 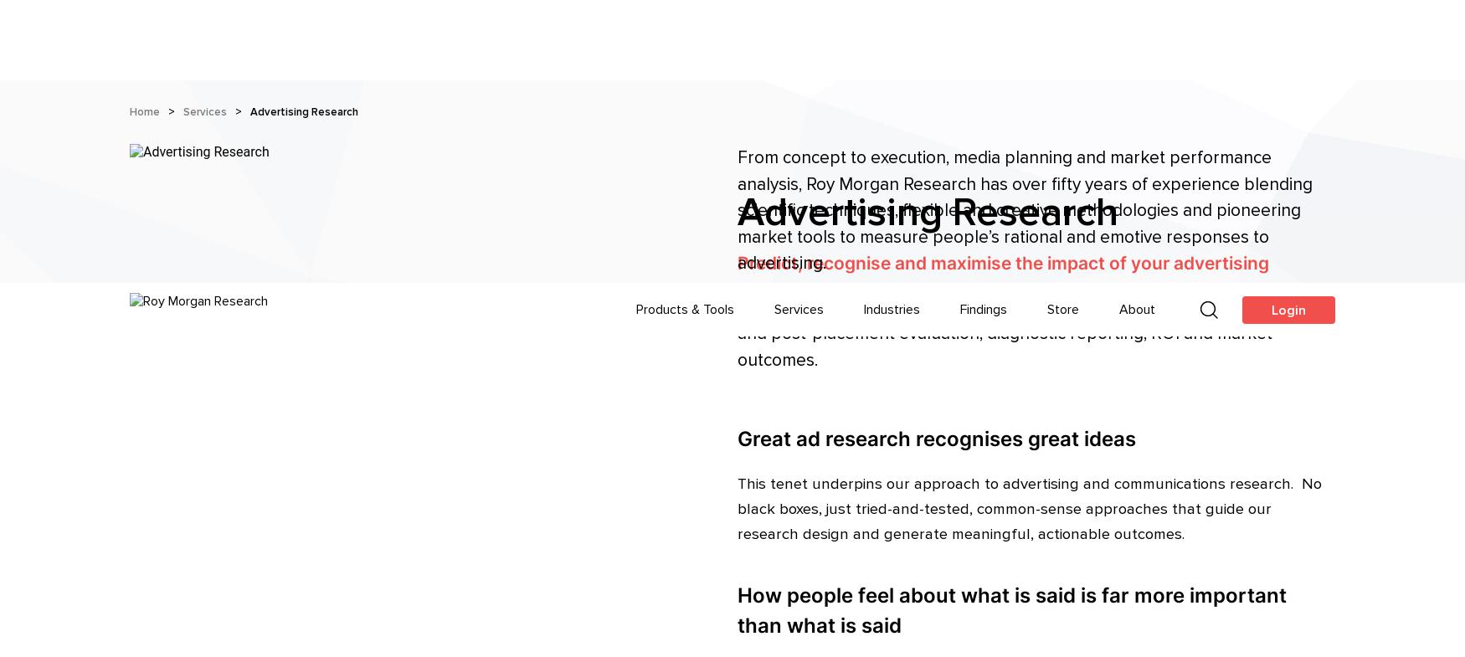 What do you see at coordinates (862, 25) in the screenshot?
I see `'Industries'` at bounding box center [862, 25].